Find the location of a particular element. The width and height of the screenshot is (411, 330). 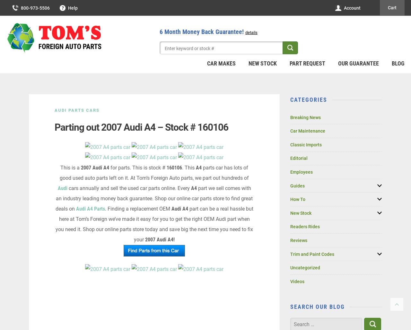

'Audi A4' is located at coordinates (179, 209).